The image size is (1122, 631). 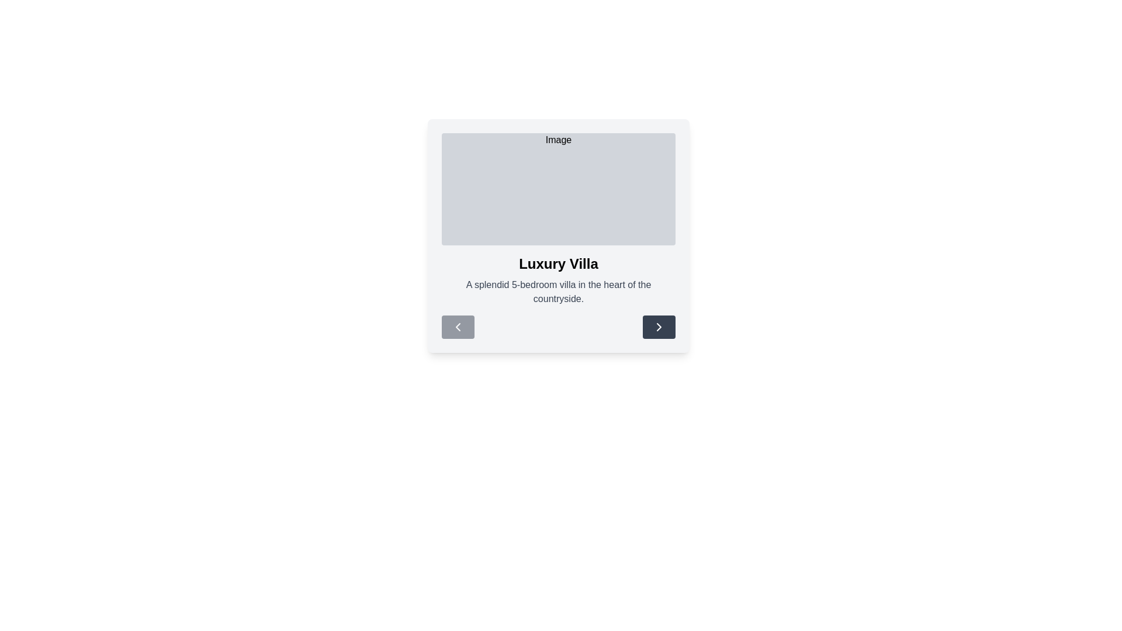 I want to click on the first button on the left with a gray background and a white leftward-pointing chevron icon, so click(x=457, y=327).